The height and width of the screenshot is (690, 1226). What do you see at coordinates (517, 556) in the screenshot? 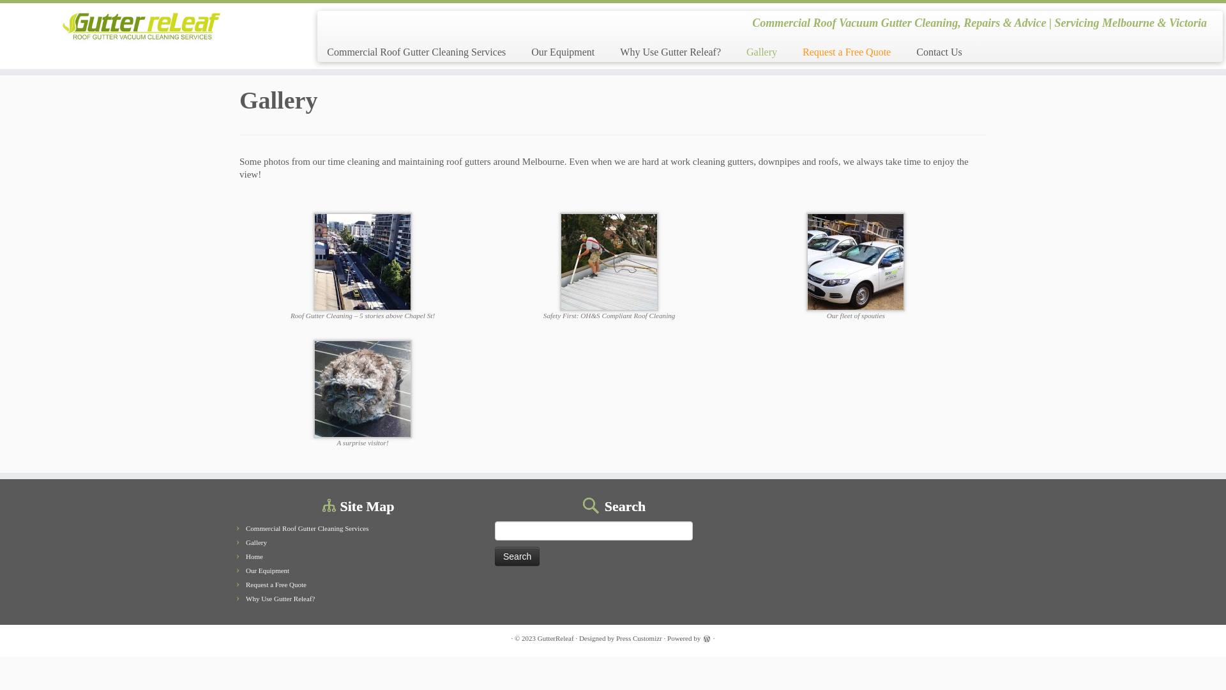
I see `'Search'` at bounding box center [517, 556].